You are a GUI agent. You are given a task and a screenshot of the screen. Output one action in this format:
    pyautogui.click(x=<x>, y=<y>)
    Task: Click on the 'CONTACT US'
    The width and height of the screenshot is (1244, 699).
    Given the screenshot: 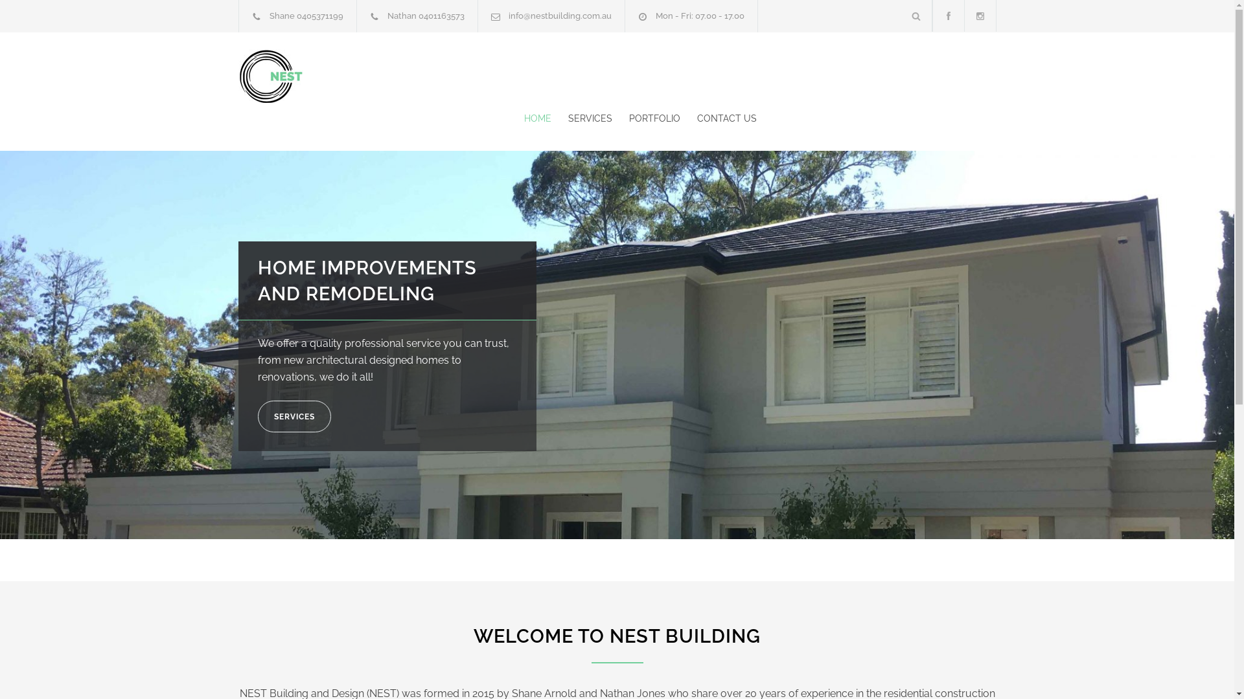 What is the action you would take?
    pyautogui.click(x=717, y=118)
    